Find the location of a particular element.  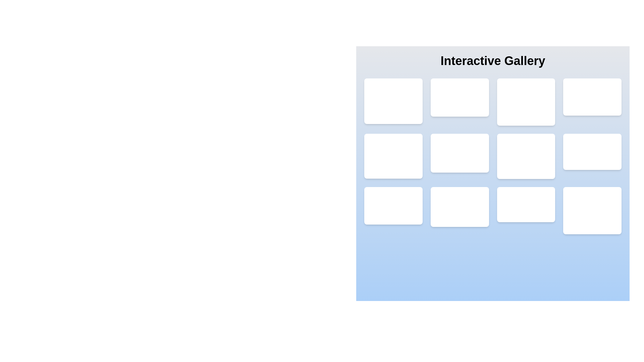

the third card in the first row of the gallery layout, which displays a visual item and textual information is located at coordinates (526, 102).